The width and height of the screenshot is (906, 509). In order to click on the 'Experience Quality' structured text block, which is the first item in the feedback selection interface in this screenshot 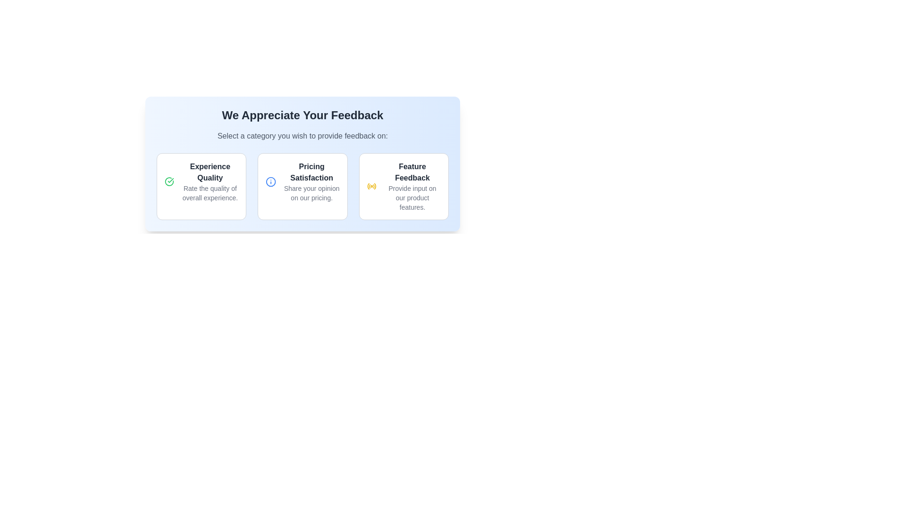, I will do `click(210, 181)`.